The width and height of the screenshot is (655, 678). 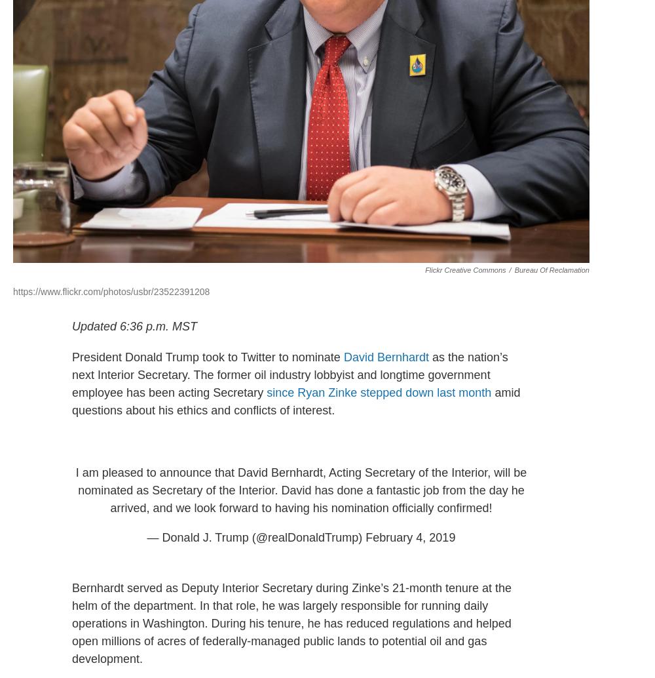 I want to click on '— Donald J. Trump (@realDonaldTrump)', so click(x=146, y=536).